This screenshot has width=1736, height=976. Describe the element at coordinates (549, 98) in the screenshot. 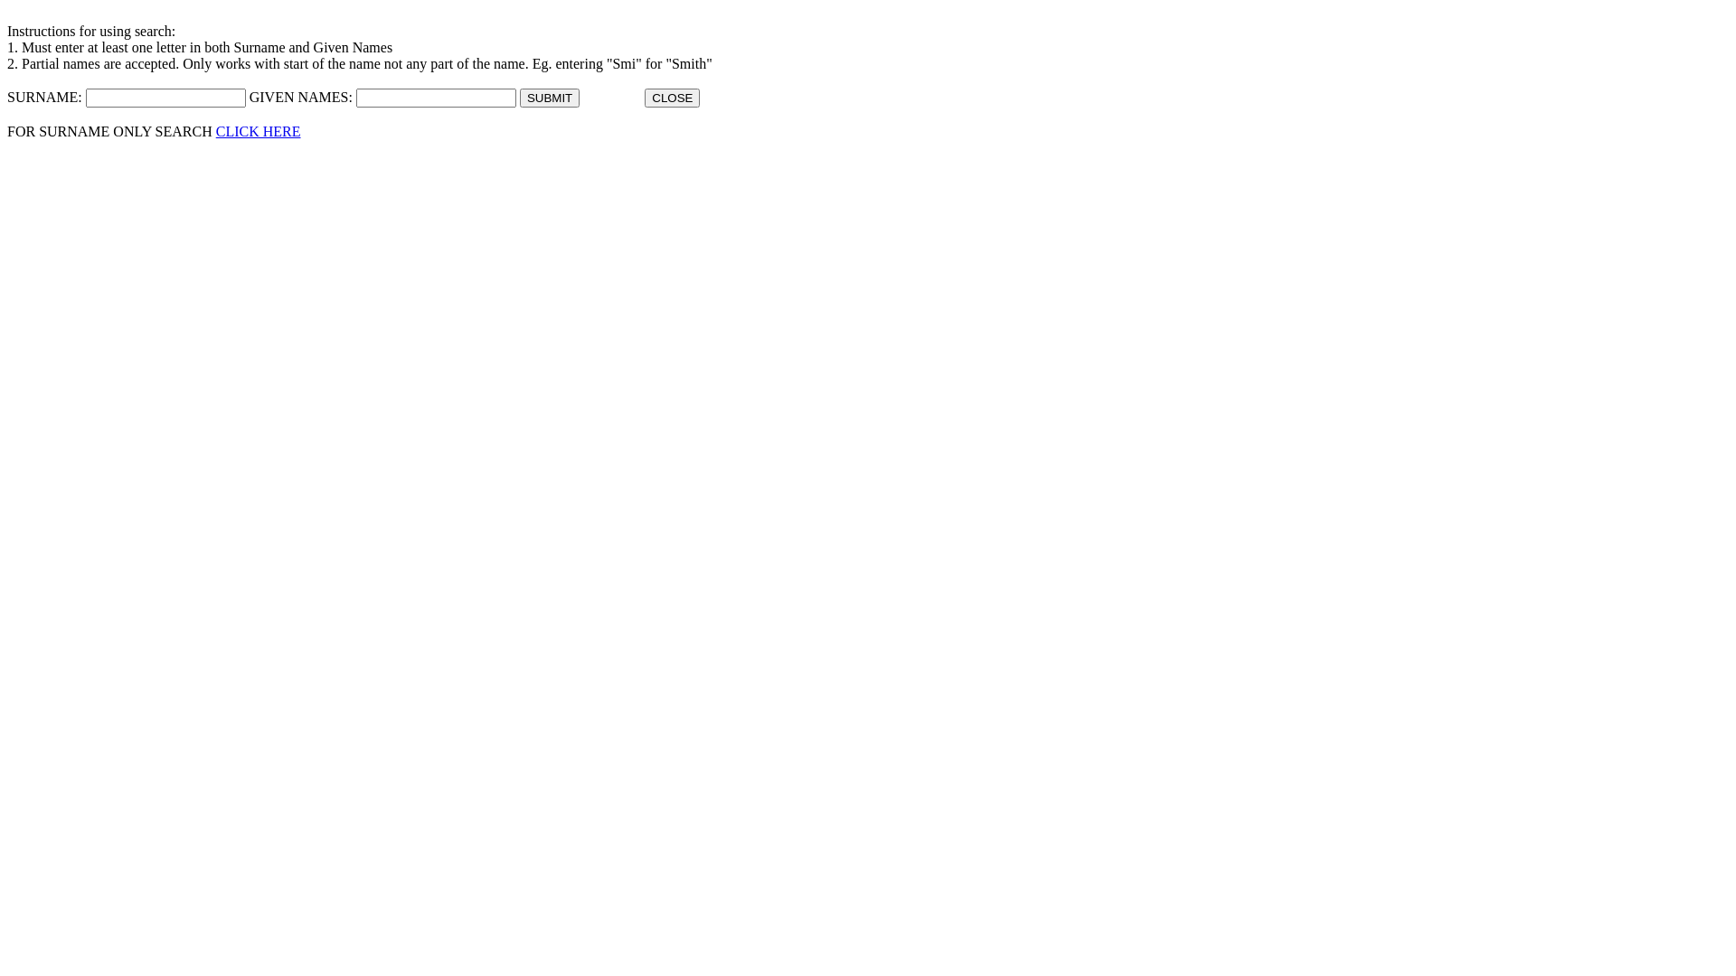

I see `'SUBMIT'` at that location.